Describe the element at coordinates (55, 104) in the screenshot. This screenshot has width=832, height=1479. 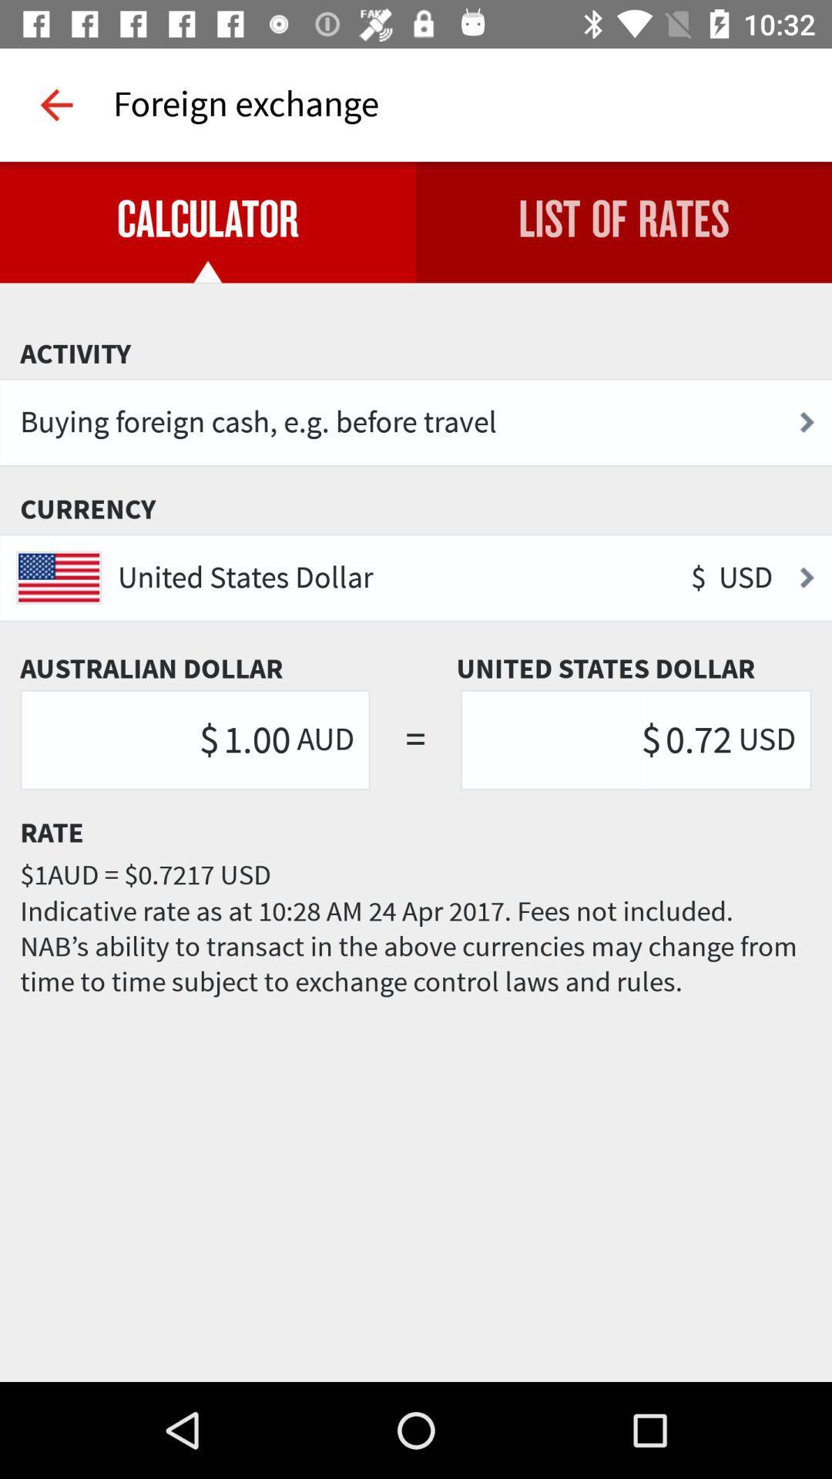
I see `icon to the left of foreign exchange` at that location.